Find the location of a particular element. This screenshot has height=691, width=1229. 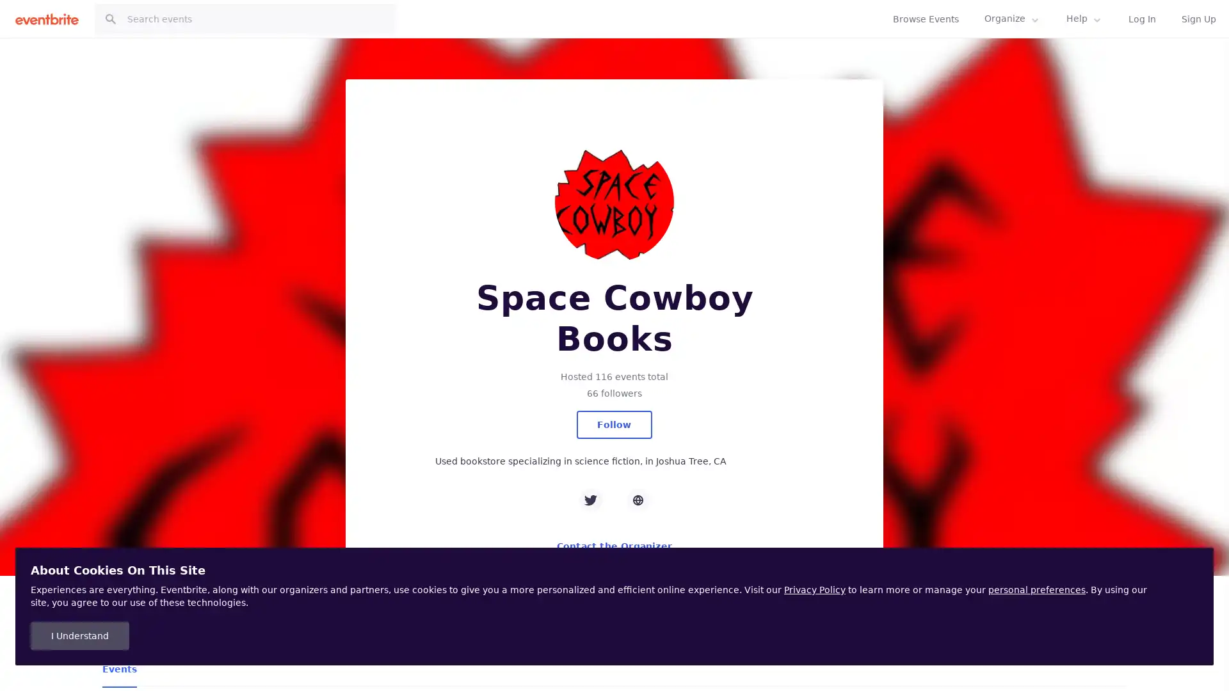

Contact the Organizer is located at coordinates (613, 546).